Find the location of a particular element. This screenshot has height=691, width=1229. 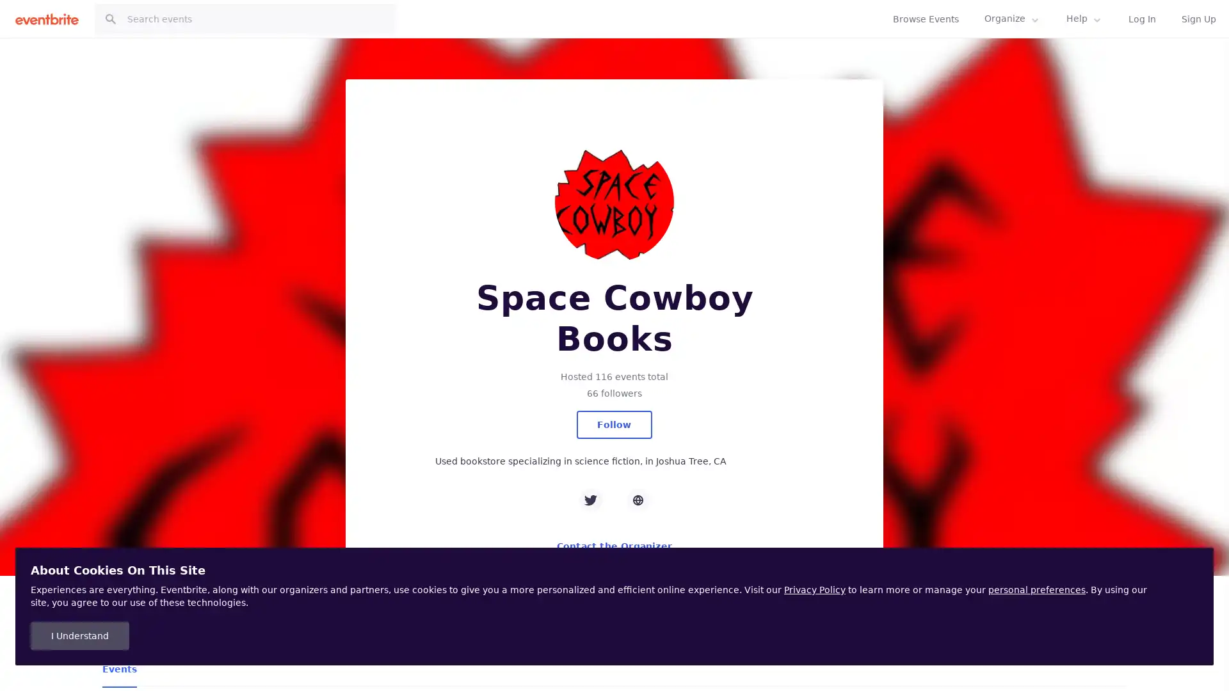

Contact the Organizer is located at coordinates (613, 546).